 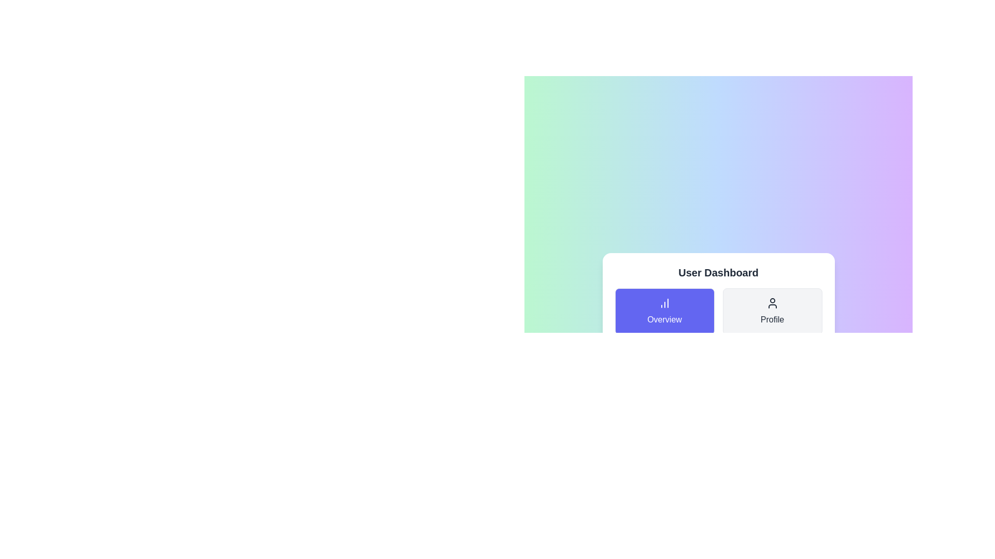 What do you see at coordinates (664, 311) in the screenshot?
I see `the tab named Overview by clicking on its button` at bounding box center [664, 311].